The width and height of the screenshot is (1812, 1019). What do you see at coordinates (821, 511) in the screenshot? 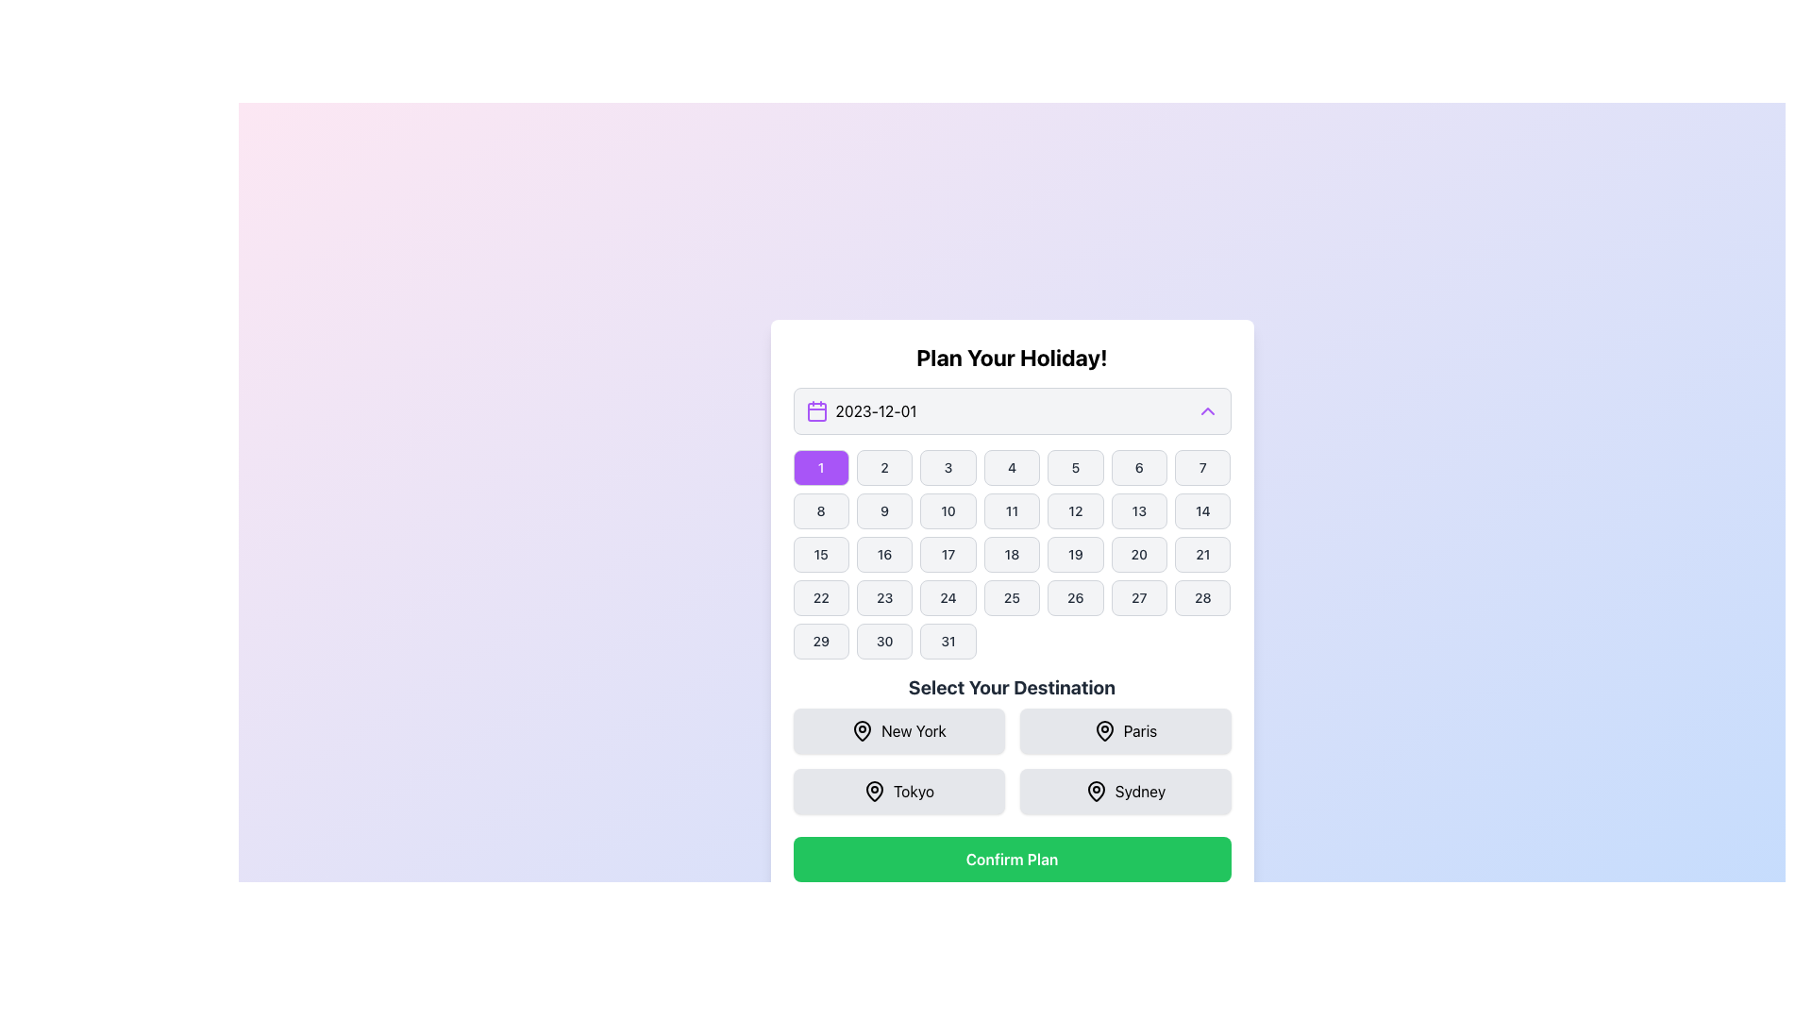
I see `the button displaying the number '8', which is styled with rounded corners and a light gray background` at bounding box center [821, 511].